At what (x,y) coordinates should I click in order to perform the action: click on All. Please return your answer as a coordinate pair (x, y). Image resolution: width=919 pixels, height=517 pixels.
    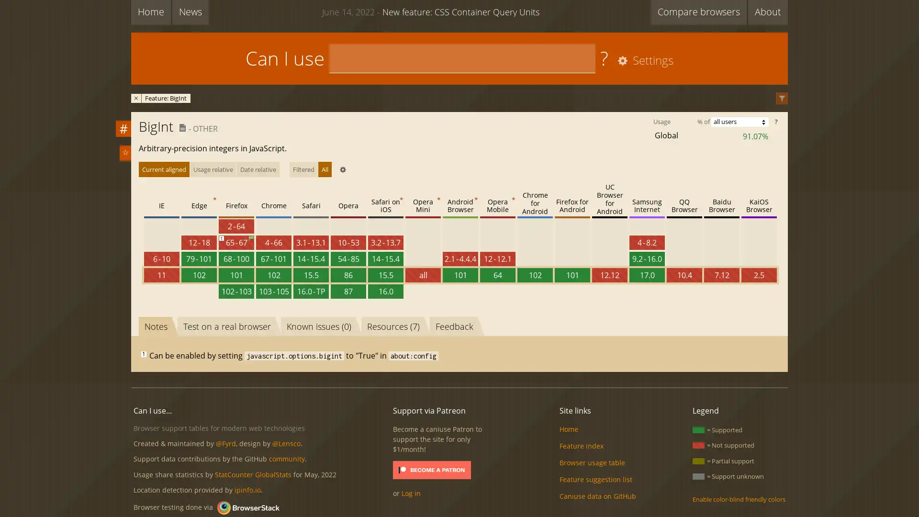
    Looking at the image, I should click on (325, 169).